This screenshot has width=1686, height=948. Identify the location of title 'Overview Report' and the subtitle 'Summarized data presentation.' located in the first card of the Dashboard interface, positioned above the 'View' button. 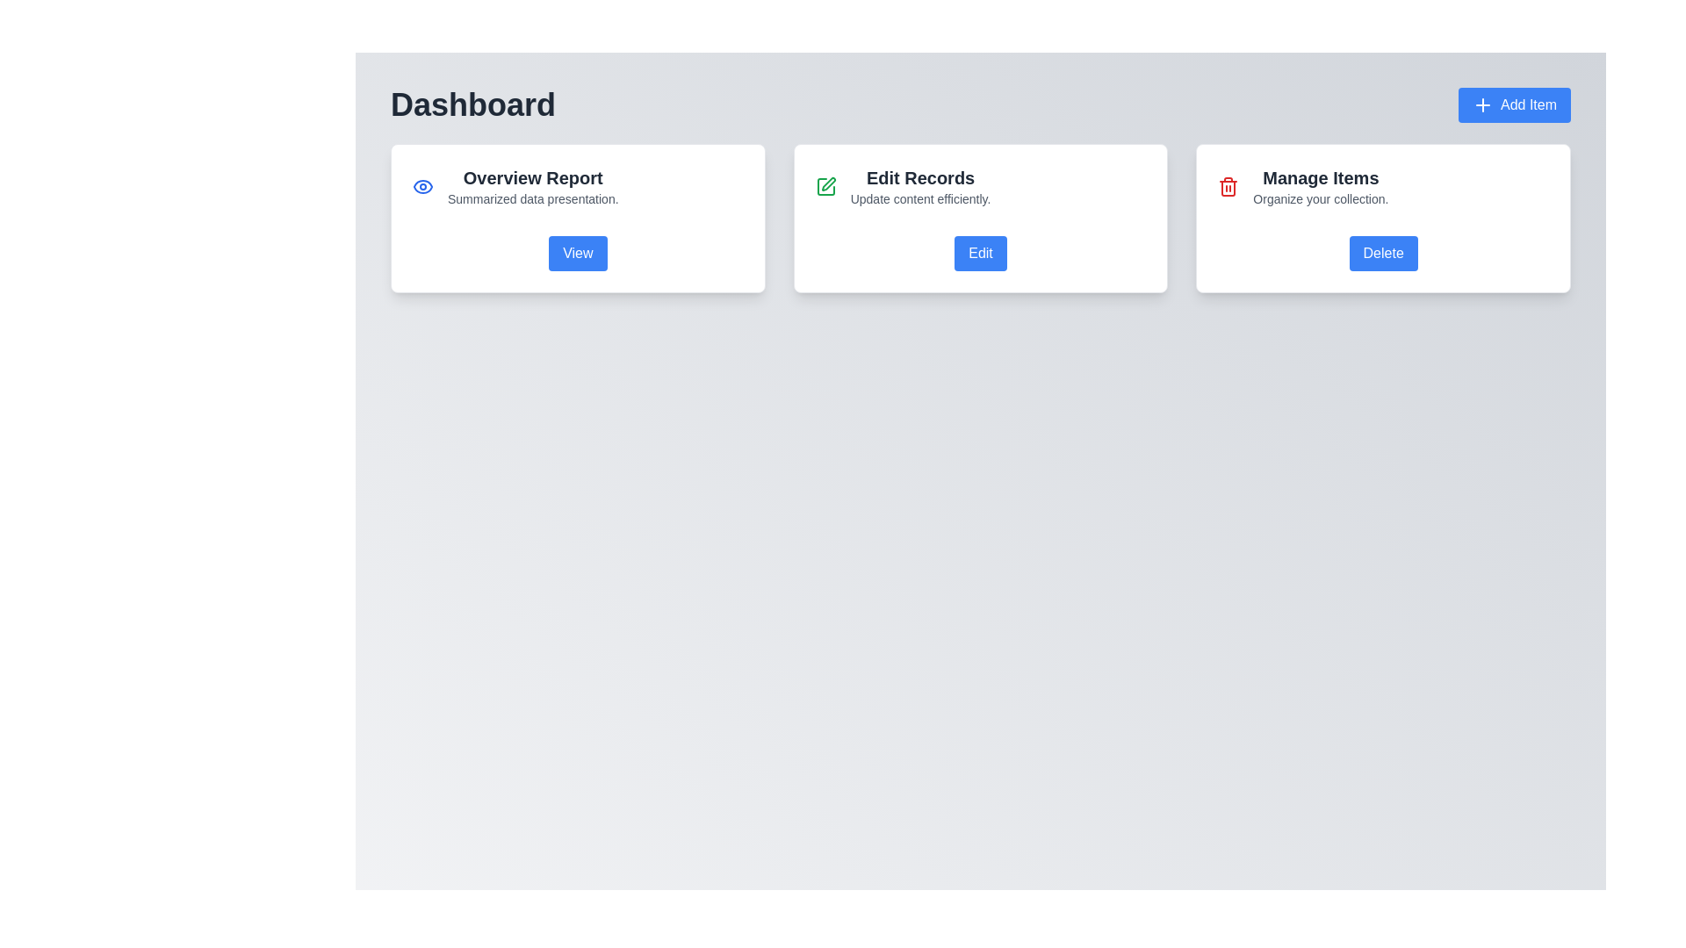
(532, 186).